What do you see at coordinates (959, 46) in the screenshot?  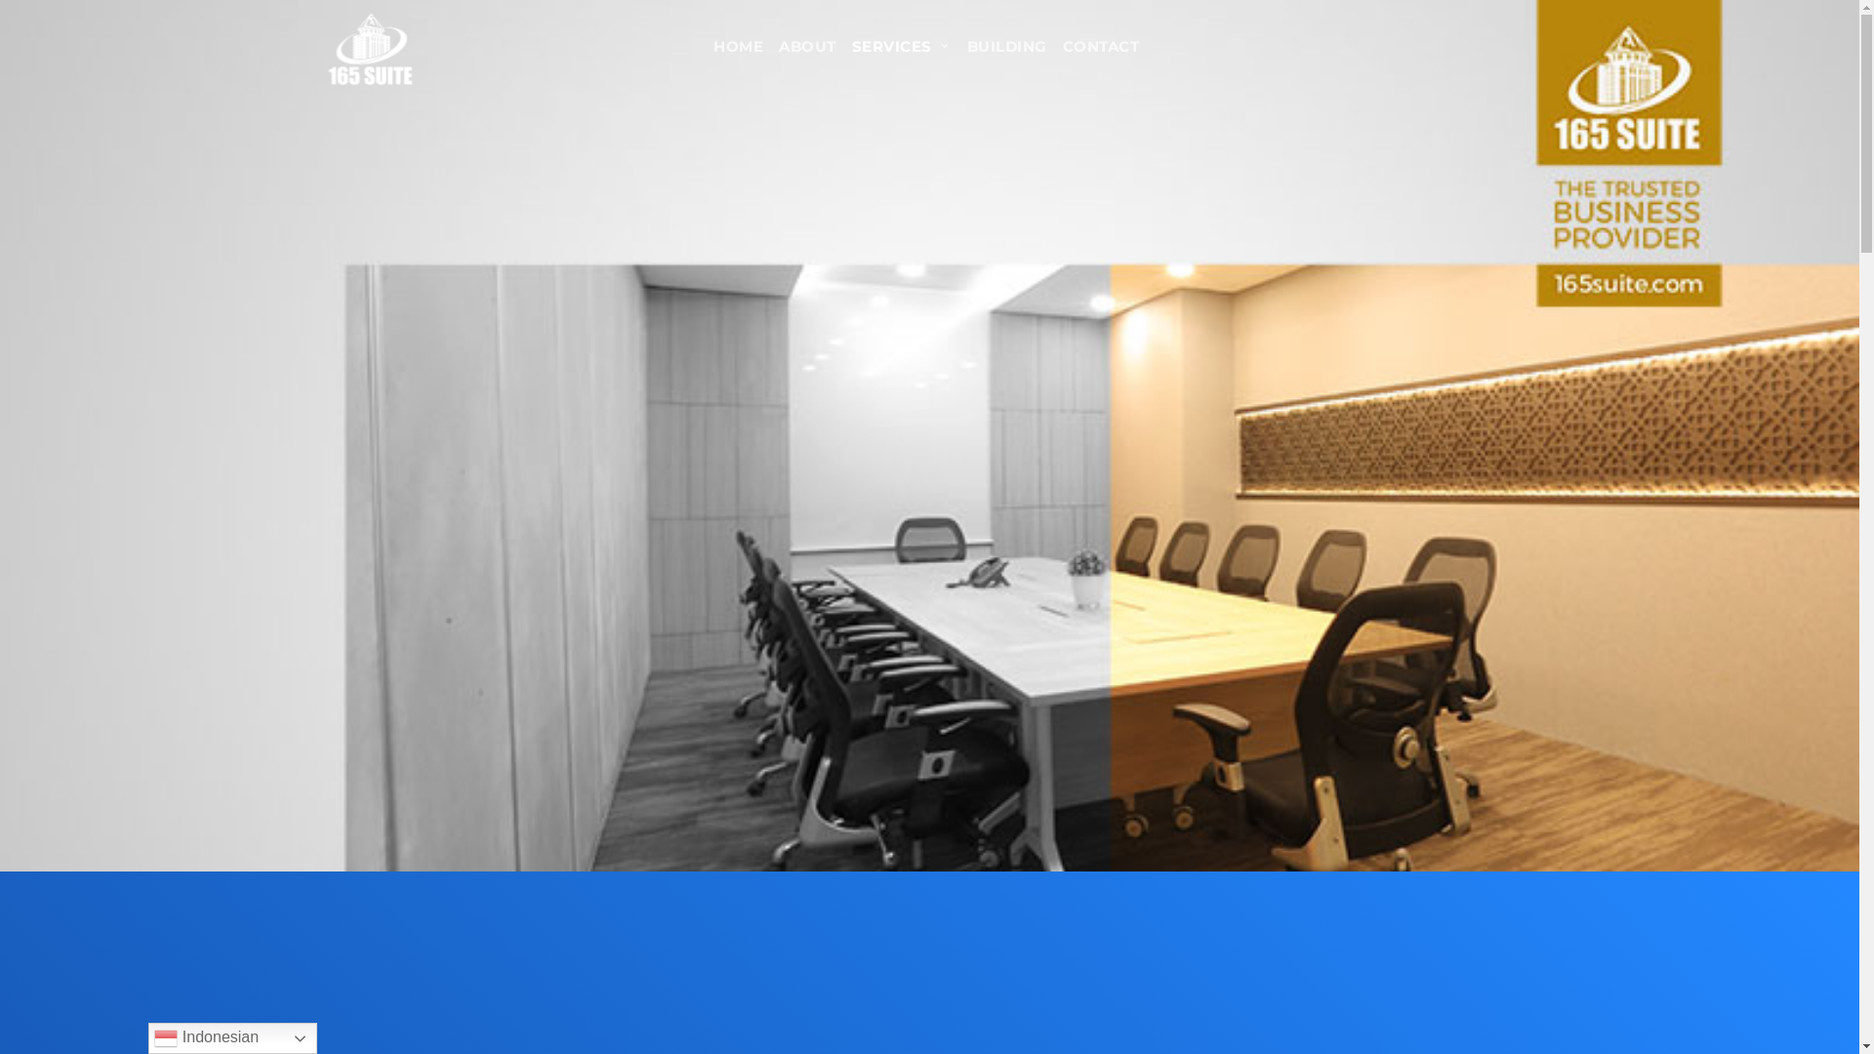 I see `'BUILDING'` at bounding box center [959, 46].